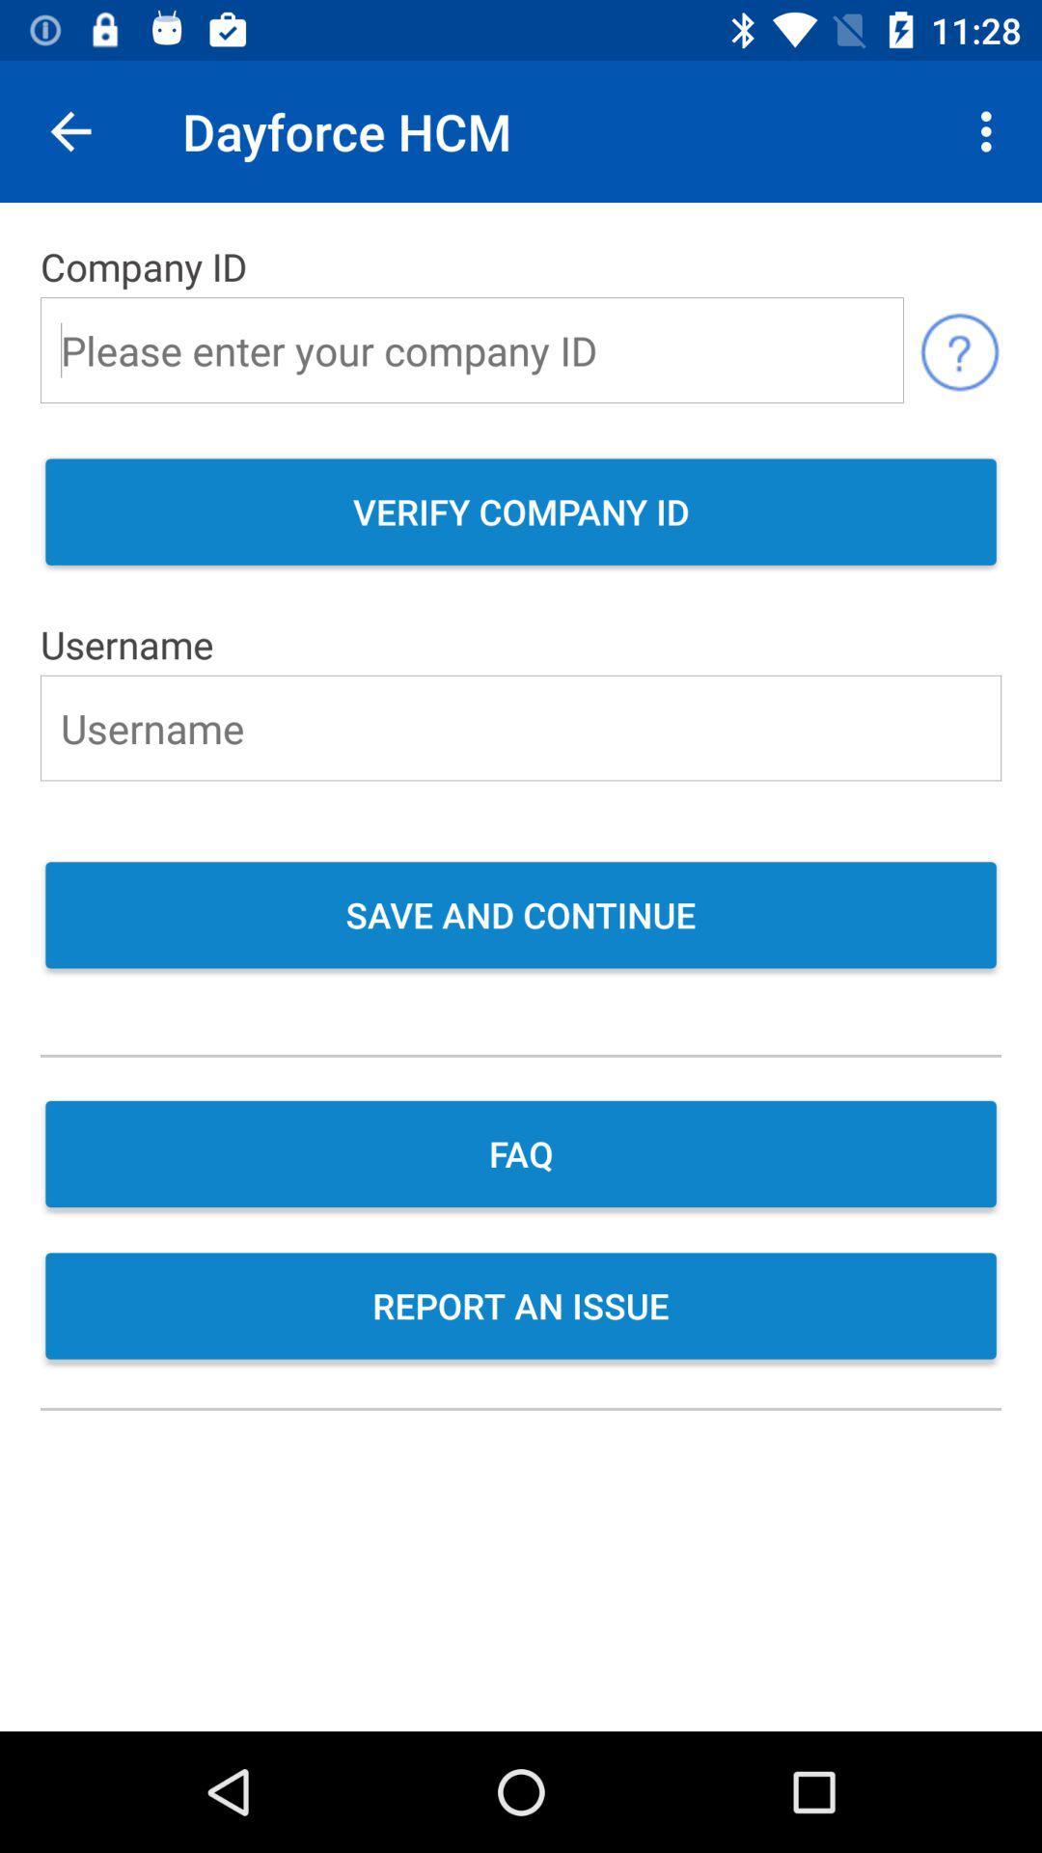 The image size is (1042, 1853). What do you see at coordinates (521, 1308) in the screenshot?
I see `the report an issue icon` at bounding box center [521, 1308].